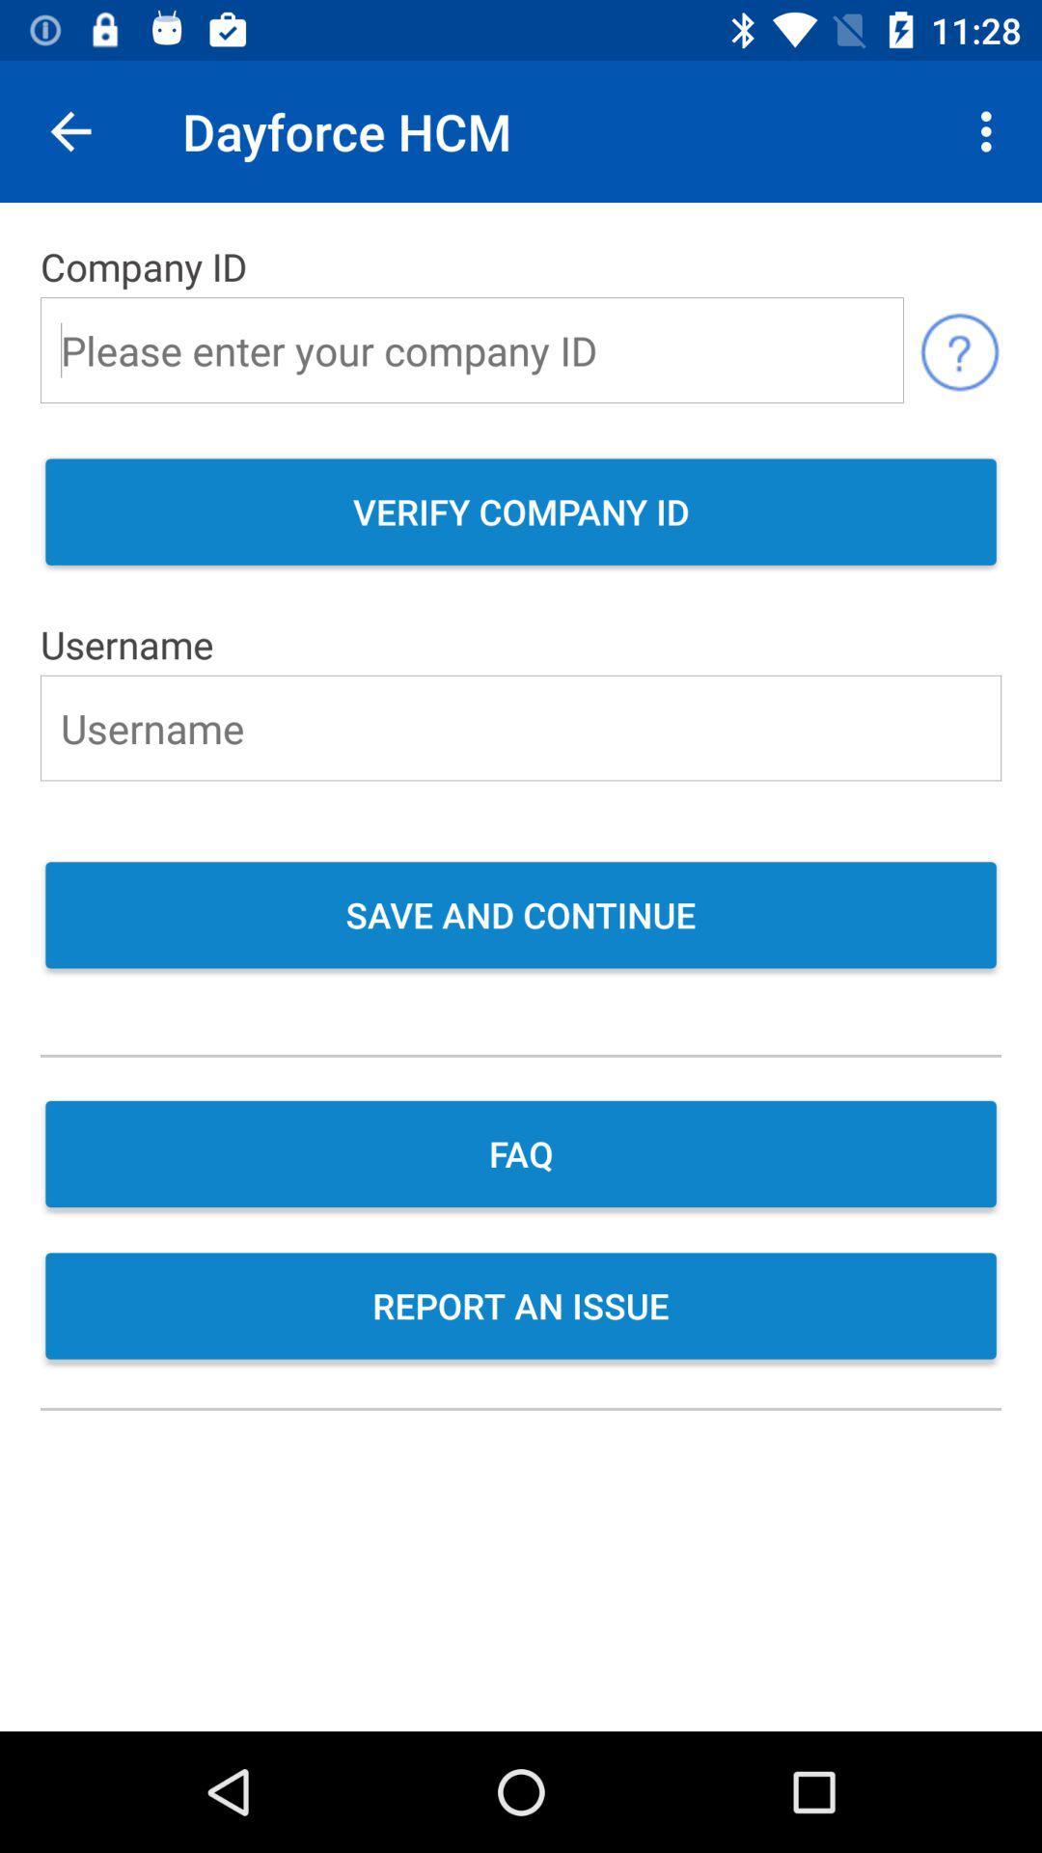 The image size is (1042, 1853). What do you see at coordinates (521, 1308) in the screenshot?
I see `the report an issue icon` at bounding box center [521, 1308].